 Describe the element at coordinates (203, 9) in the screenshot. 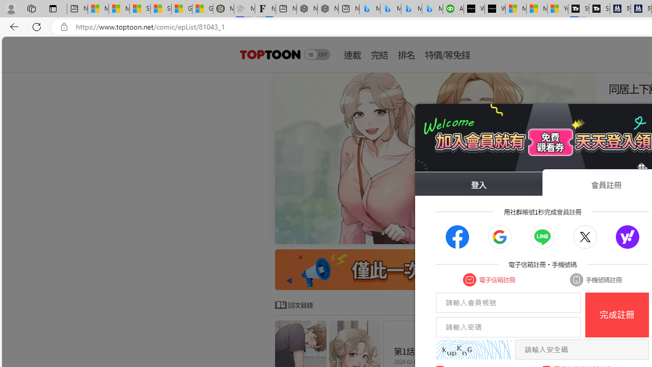

I see `'Gilma and Hector both pose tropical trouble for Hawaii'` at that location.